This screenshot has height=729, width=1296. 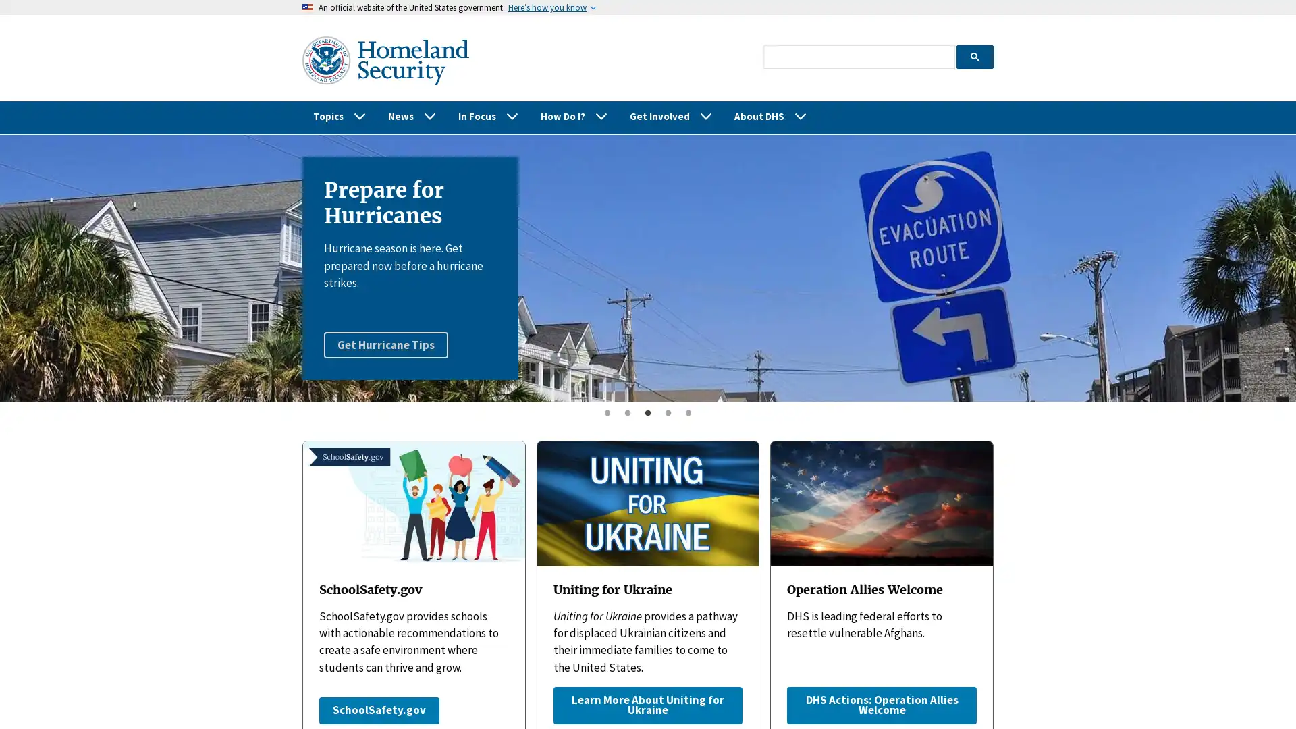 What do you see at coordinates (671, 115) in the screenshot?
I see `Get Involved` at bounding box center [671, 115].